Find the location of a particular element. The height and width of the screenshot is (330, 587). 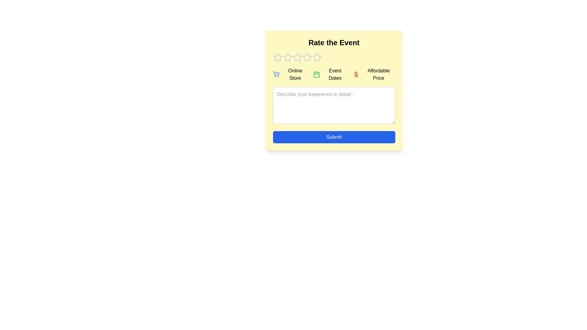

the event rating to 3 stars by clicking on the corresponding star is located at coordinates (297, 57).